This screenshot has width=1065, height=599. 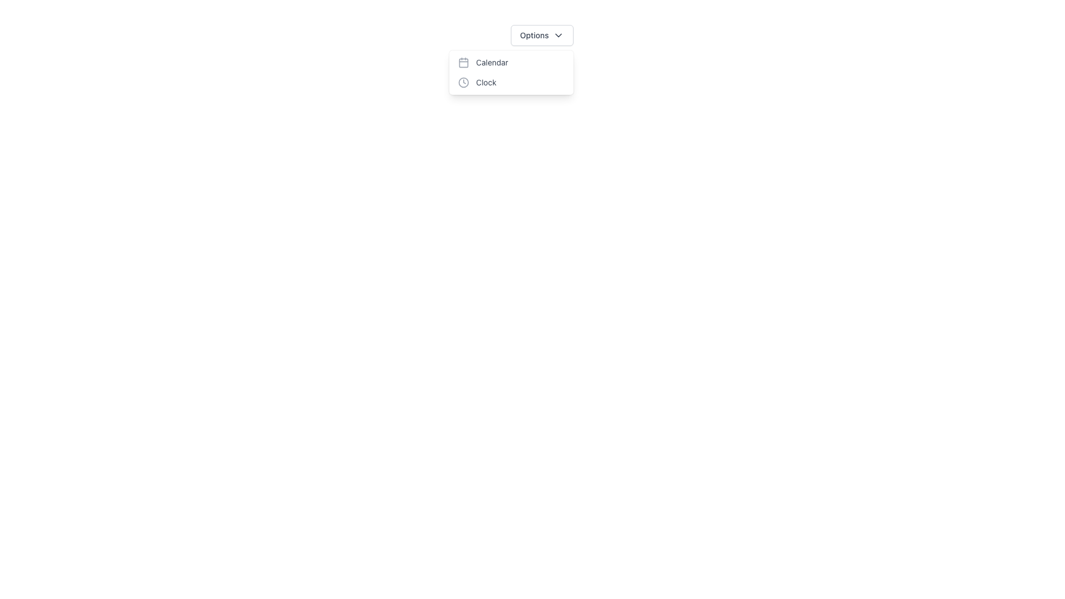 I want to click on the dropdown menu positioned below the 'Options' button, so click(x=511, y=73).